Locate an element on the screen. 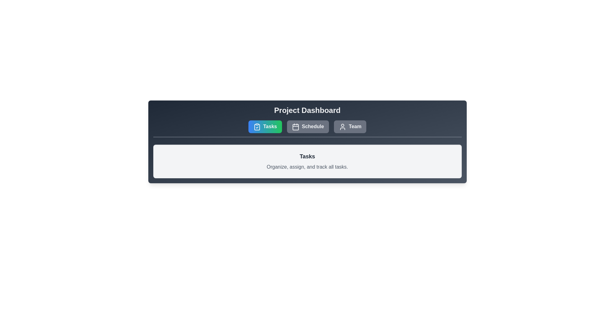  the calendar icon located to the left of the 'Schedule' button in the navigation bar to enhance user recognition and navigation is located at coordinates (295, 126).